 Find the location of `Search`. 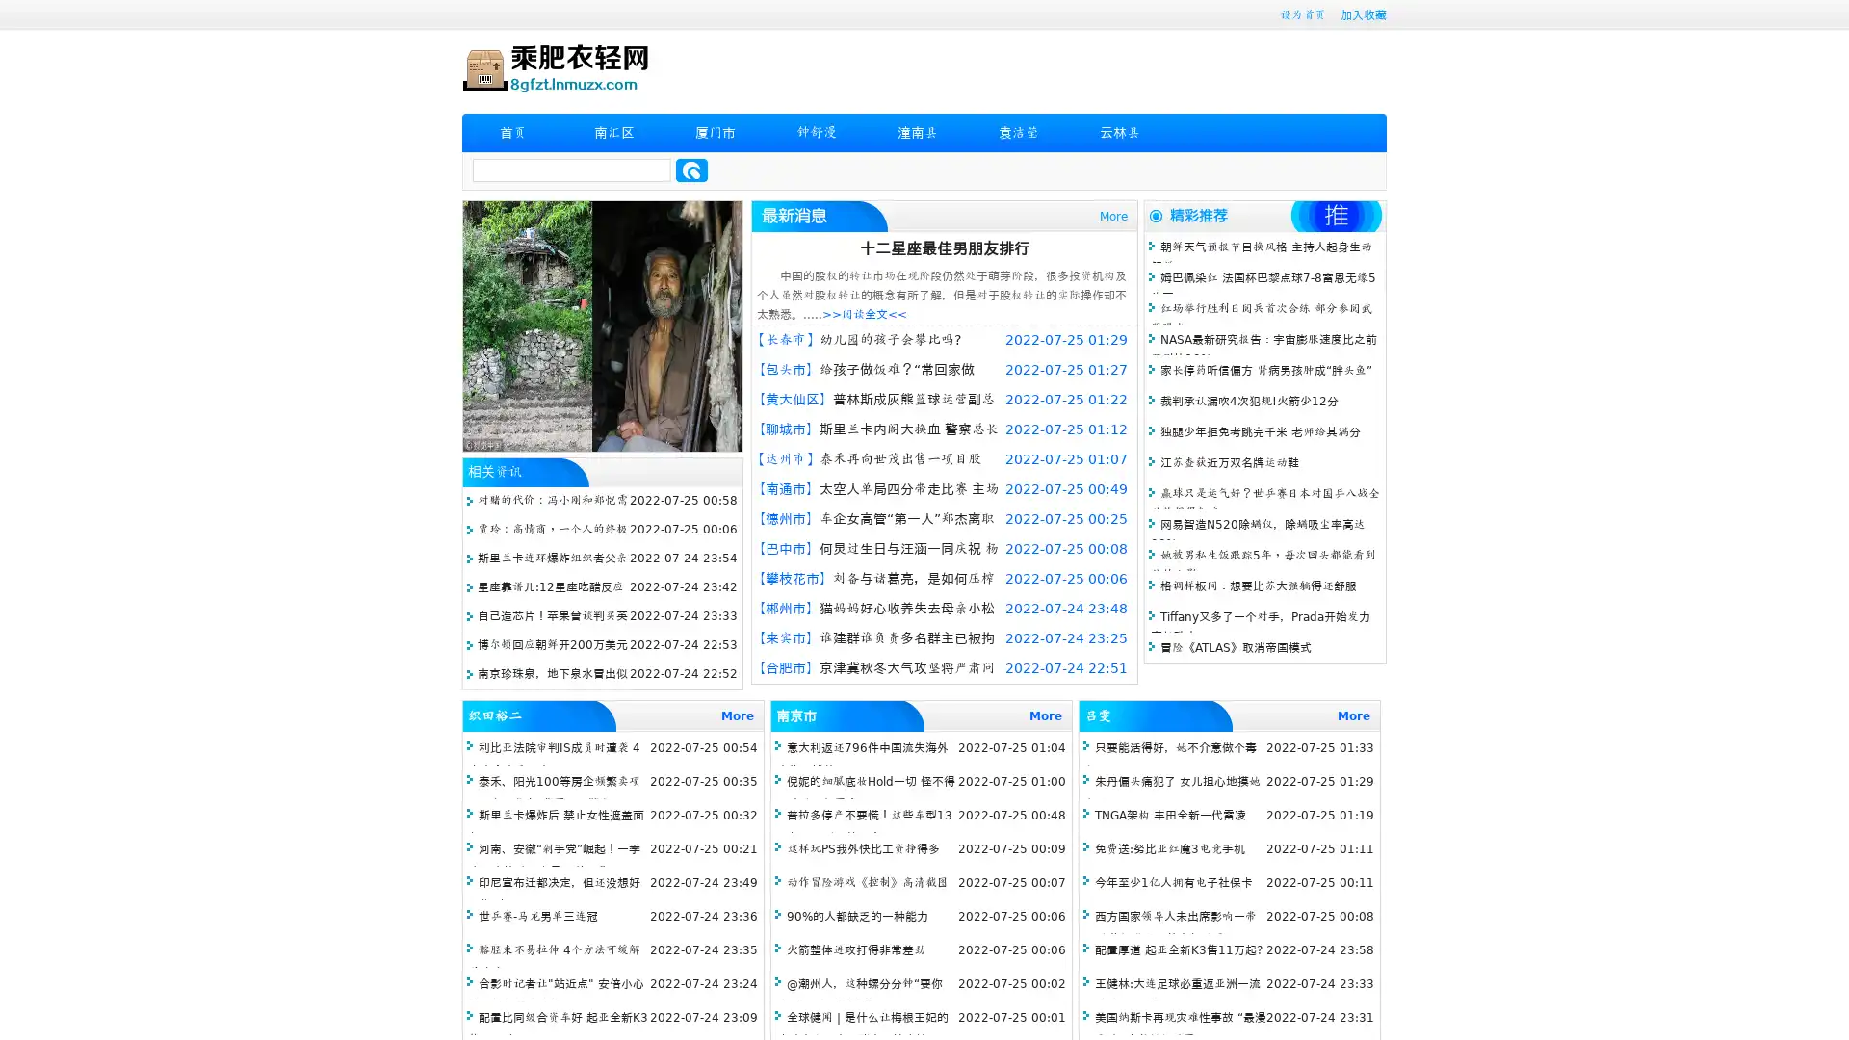

Search is located at coordinates (691, 169).